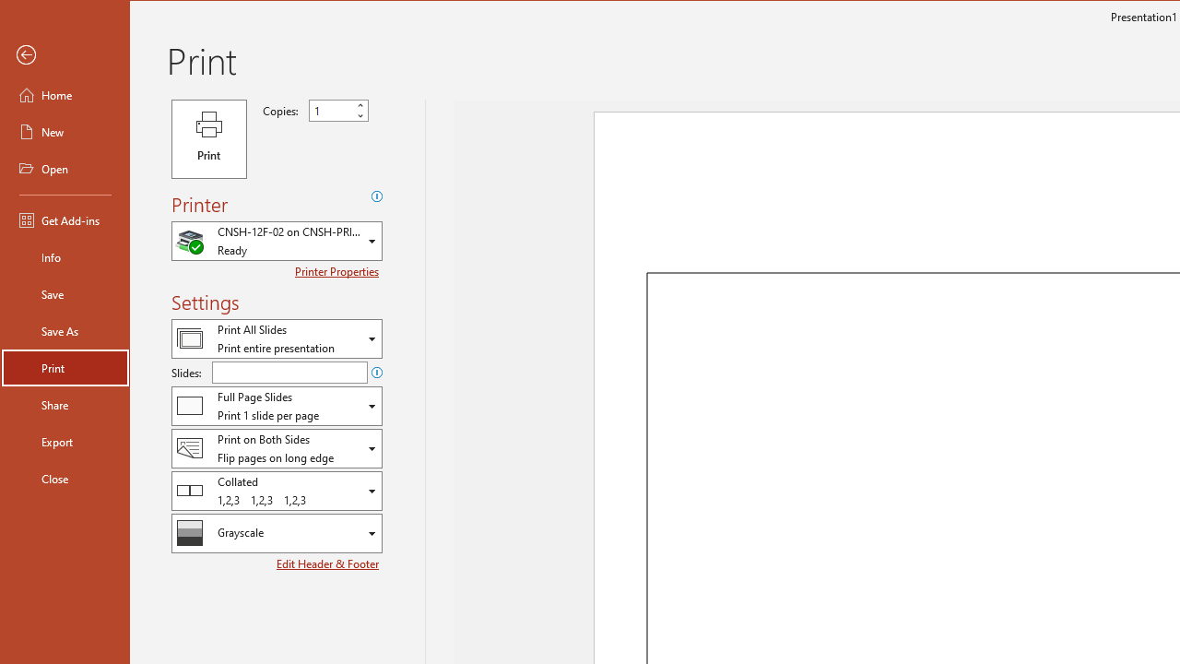 This screenshot has height=664, width=1180. I want to click on 'Two-Sided Printing', so click(276, 448).